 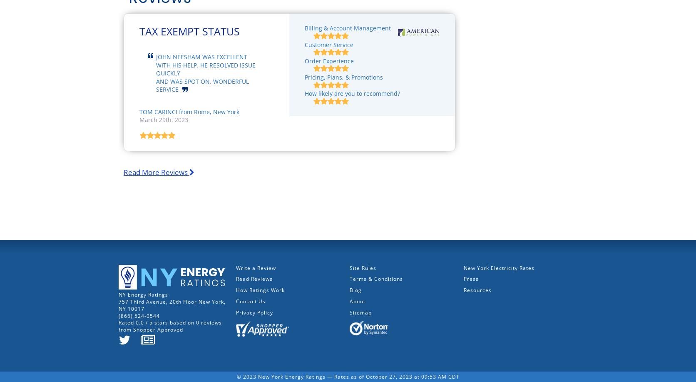 I want to click on 'About', so click(x=350, y=300).